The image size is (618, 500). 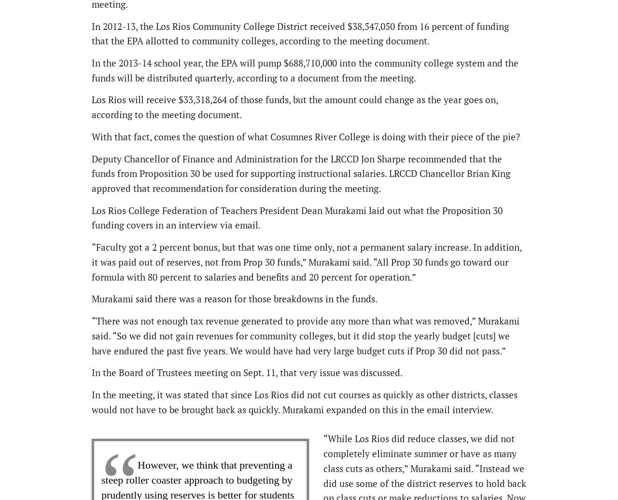 What do you see at coordinates (296, 216) in the screenshot?
I see `'Los Rios College Federation of Teachers President Dean Murakami laid out what the Proposition 30 funding covers in an interview via email.'` at bounding box center [296, 216].